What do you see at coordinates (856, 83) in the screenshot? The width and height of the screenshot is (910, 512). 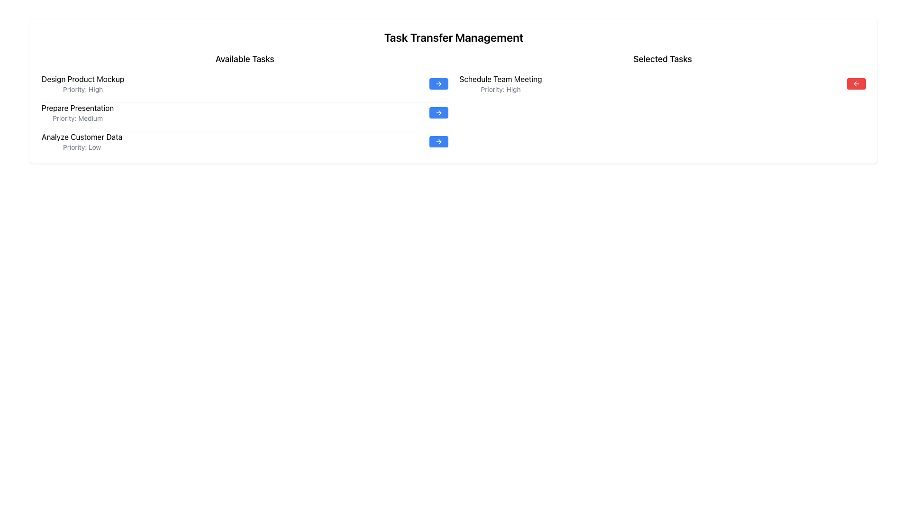 I see `the button located to the right of the label 'Schedule Team Meeting, Priority: High' in the 'Selected Tasks' section to transfer the task back to the 'Available Tasks' list` at bounding box center [856, 83].